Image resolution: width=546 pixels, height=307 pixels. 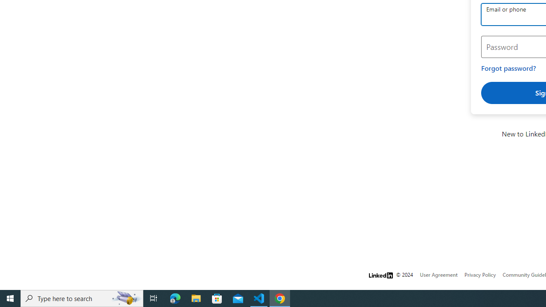 I want to click on 'User Agreement', so click(x=439, y=275).